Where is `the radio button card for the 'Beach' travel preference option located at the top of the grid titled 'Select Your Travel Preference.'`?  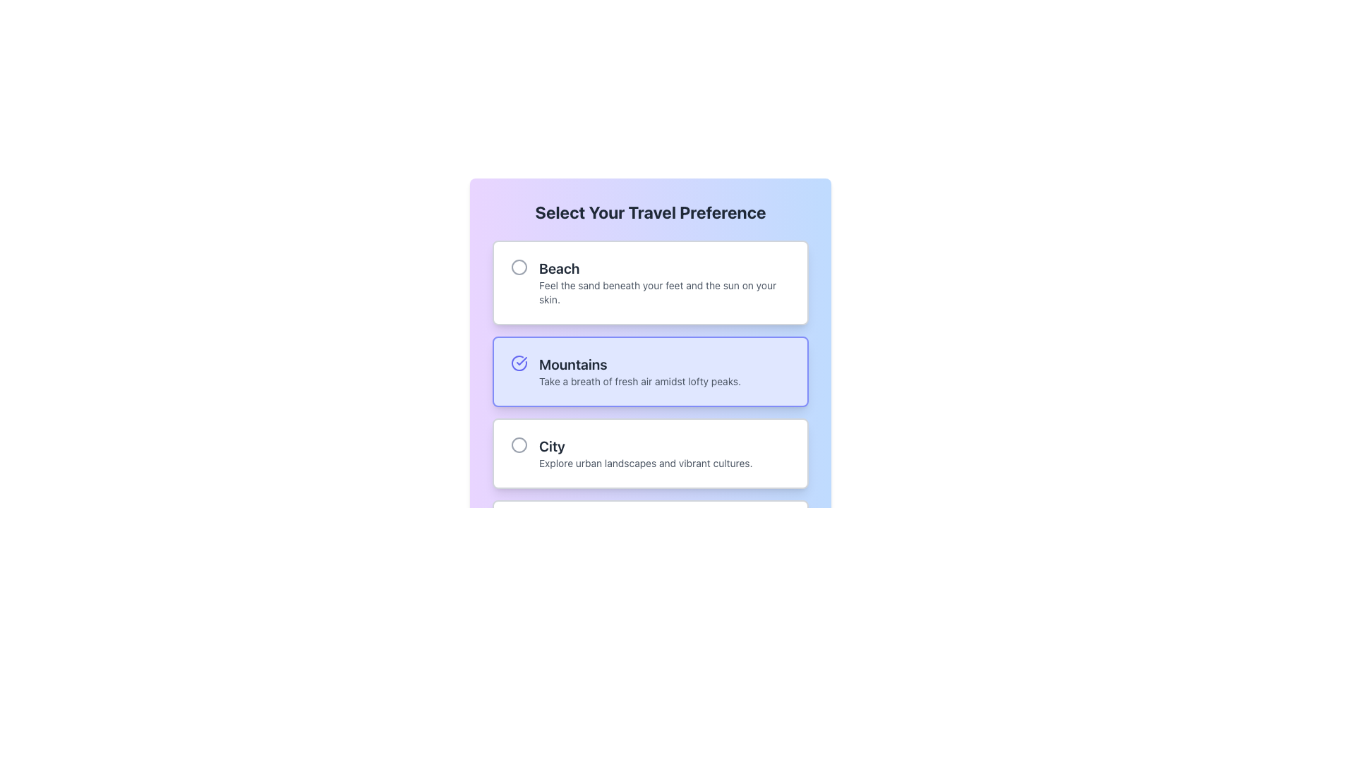 the radio button card for the 'Beach' travel preference option located at the top of the grid titled 'Select Your Travel Preference.' is located at coordinates (649, 283).